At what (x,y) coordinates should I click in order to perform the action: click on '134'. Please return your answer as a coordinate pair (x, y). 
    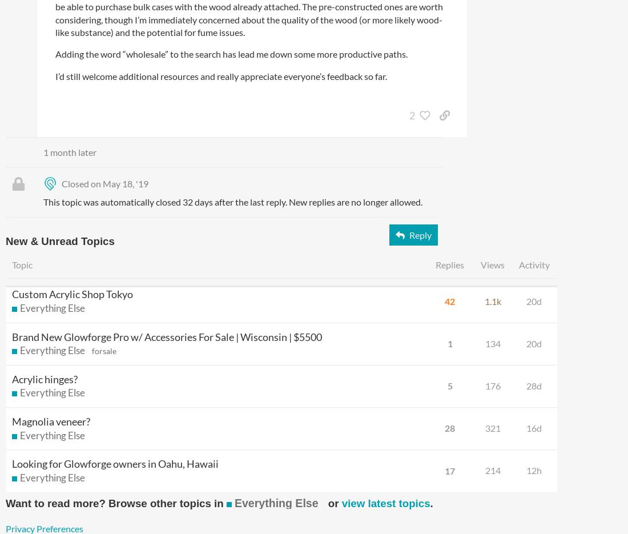
    Looking at the image, I should click on (492, 342).